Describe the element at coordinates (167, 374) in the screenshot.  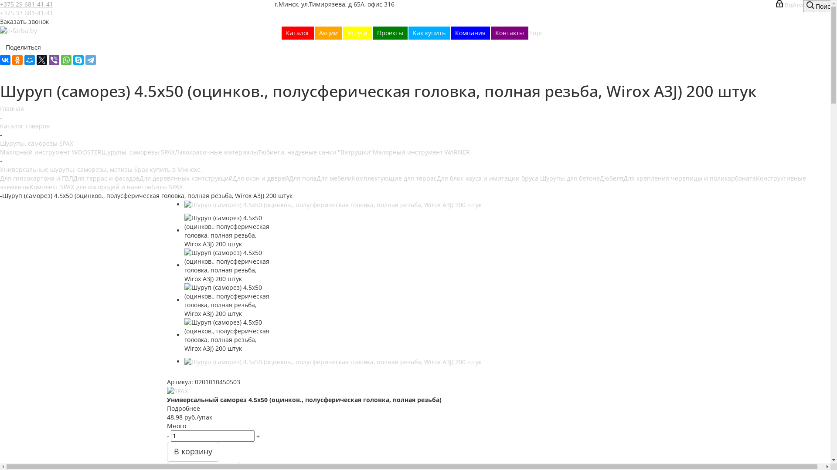
I see `'1'` at that location.